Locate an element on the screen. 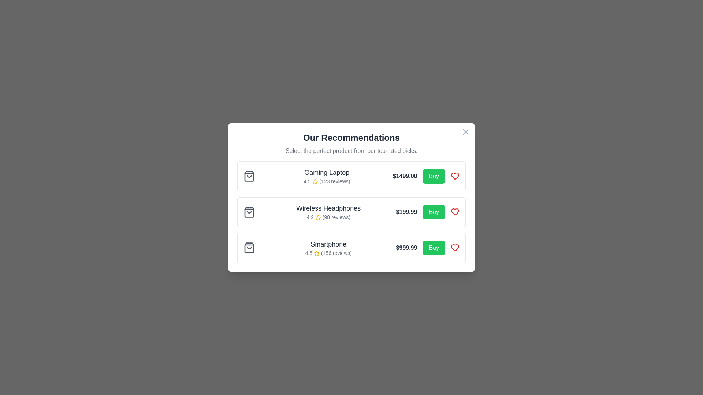 The width and height of the screenshot is (703, 395). the heart icon at the far right of the product information panel for 'Smartphone' is located at coordinates (455, 248).